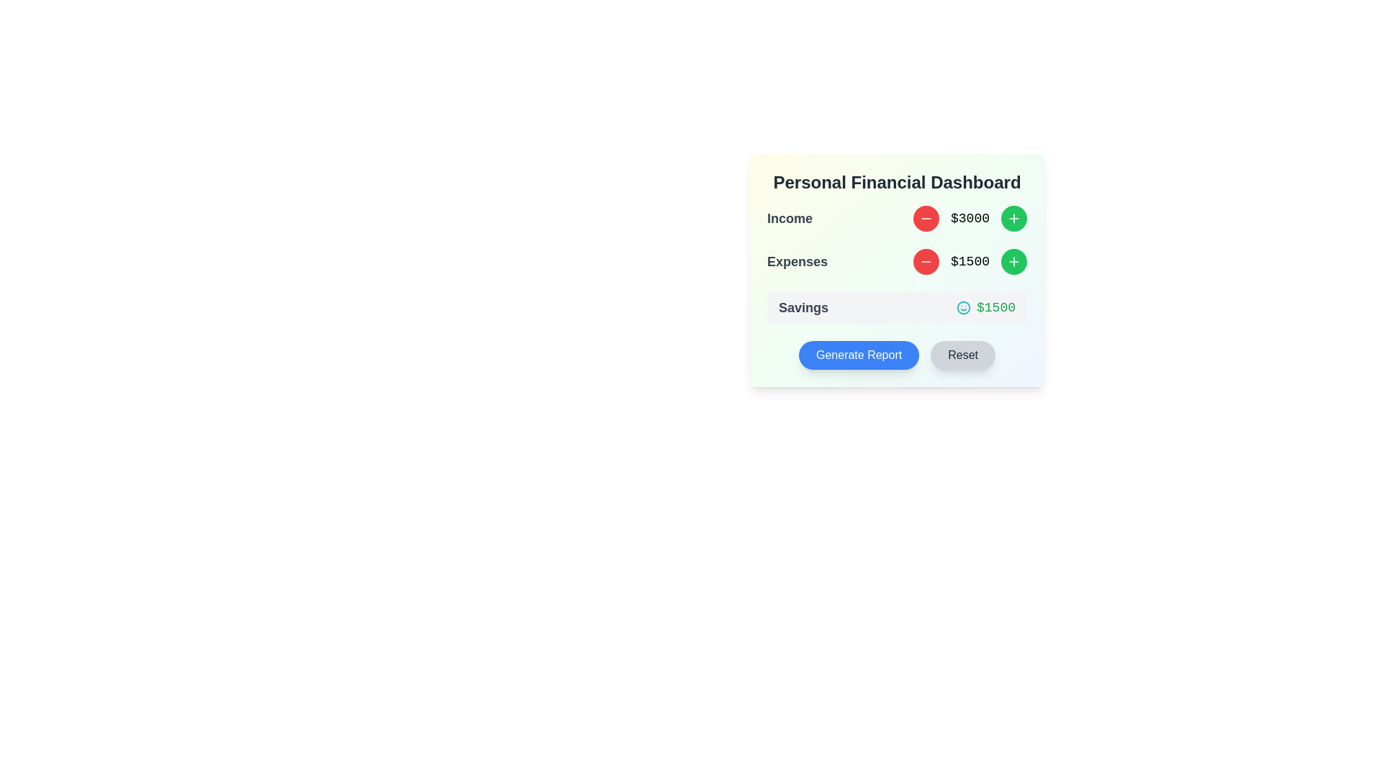  Describe the element at coordinates (859, 355) in the screenshot. I see `the rounded rectangular button with a vibrant blue background and white text that reads 'Generate Report'` at that location.